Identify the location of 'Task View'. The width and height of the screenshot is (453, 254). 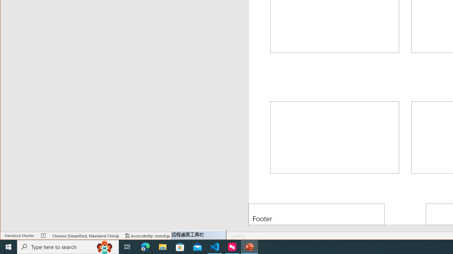
(127, 246).